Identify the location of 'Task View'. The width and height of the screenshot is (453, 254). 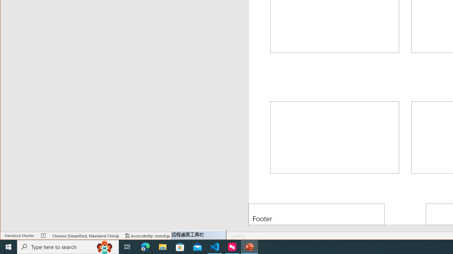
(127, 246).